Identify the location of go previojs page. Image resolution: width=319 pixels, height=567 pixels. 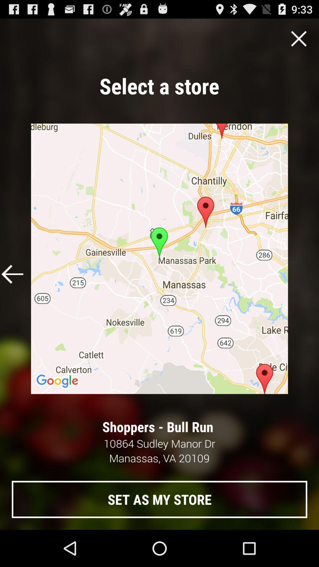
(12, 274).